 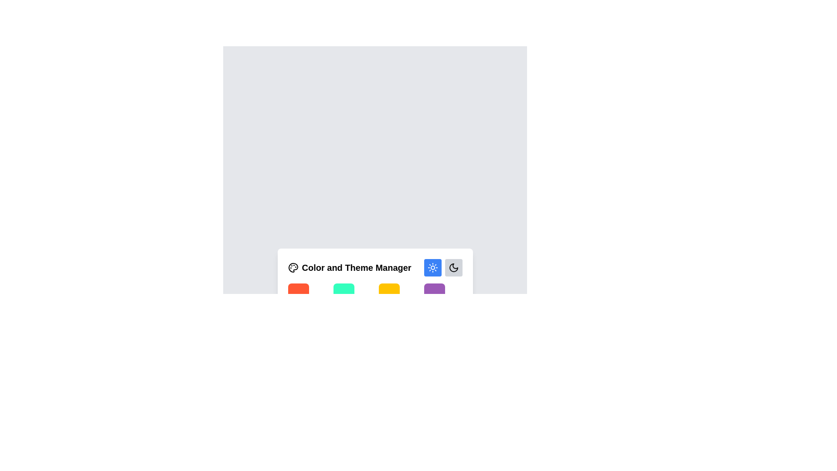 What do you see at coordinates (443, 267) in the screenshot?
I see `the gray button in the top-right corner of the 'Color and Theme Manager' section` at bounding box center [443, 267].